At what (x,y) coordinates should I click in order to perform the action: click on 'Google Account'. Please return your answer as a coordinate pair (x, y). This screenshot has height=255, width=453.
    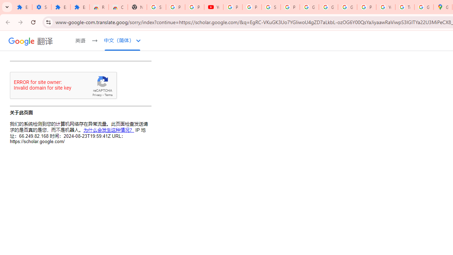
    Looking at the image, I should click on (309, 7).